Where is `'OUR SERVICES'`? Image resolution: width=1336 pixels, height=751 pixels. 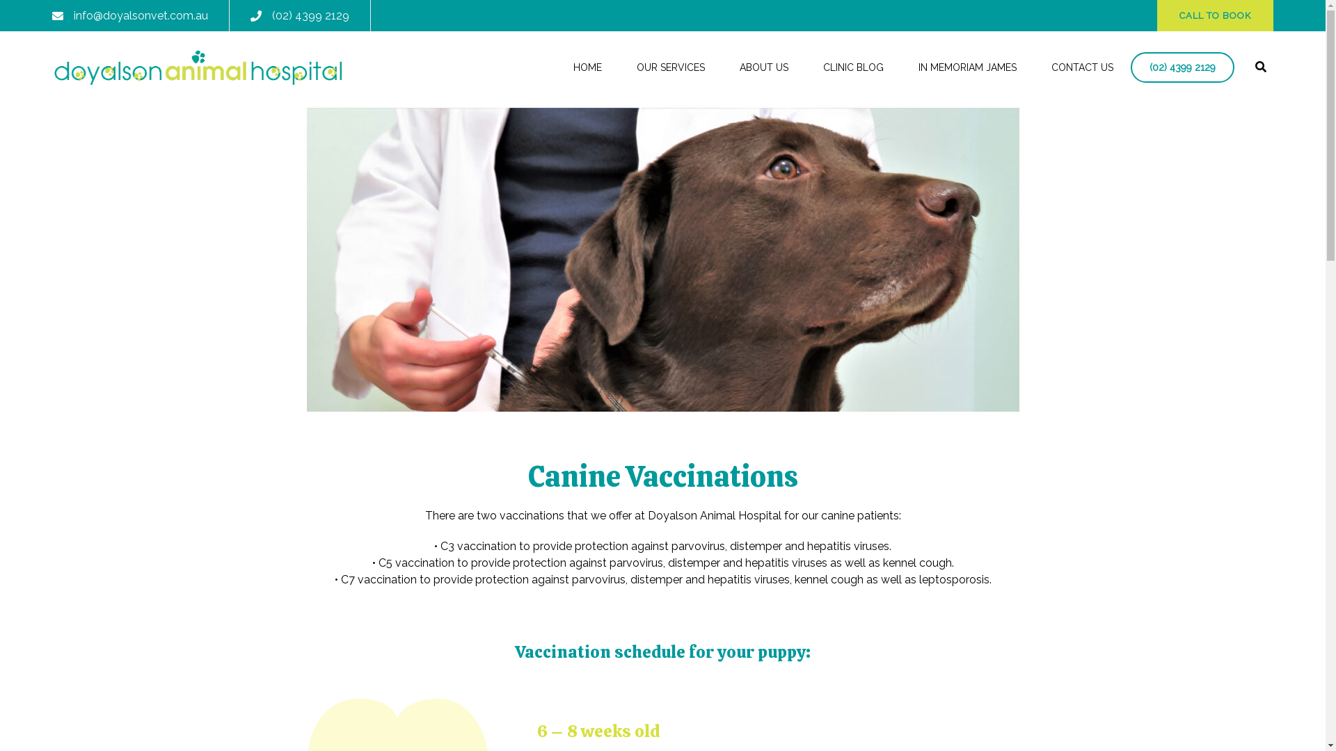
'OUR SERVICES' is located at coordinates (671, 67).